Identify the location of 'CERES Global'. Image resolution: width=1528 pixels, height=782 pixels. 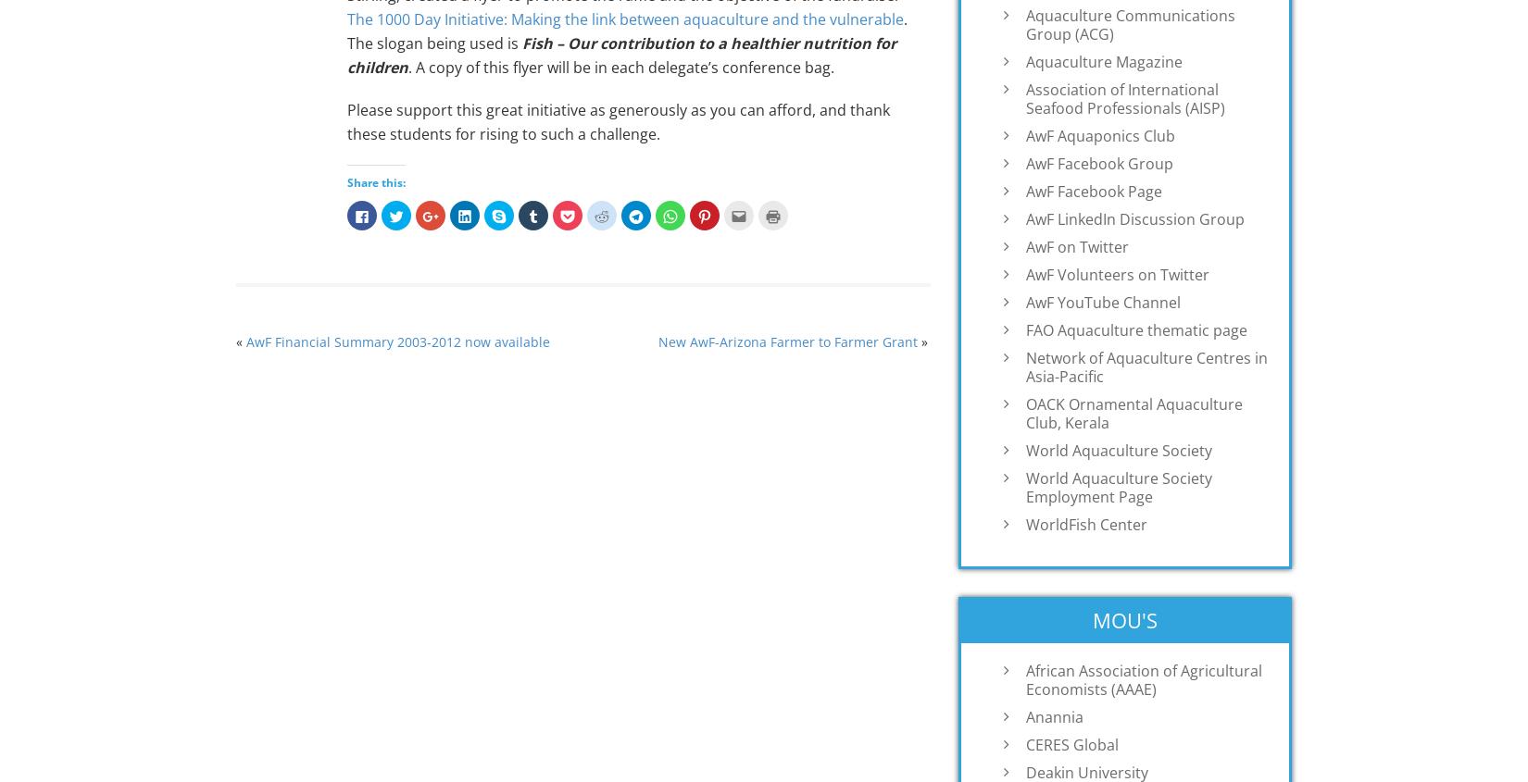
(1071, 744).